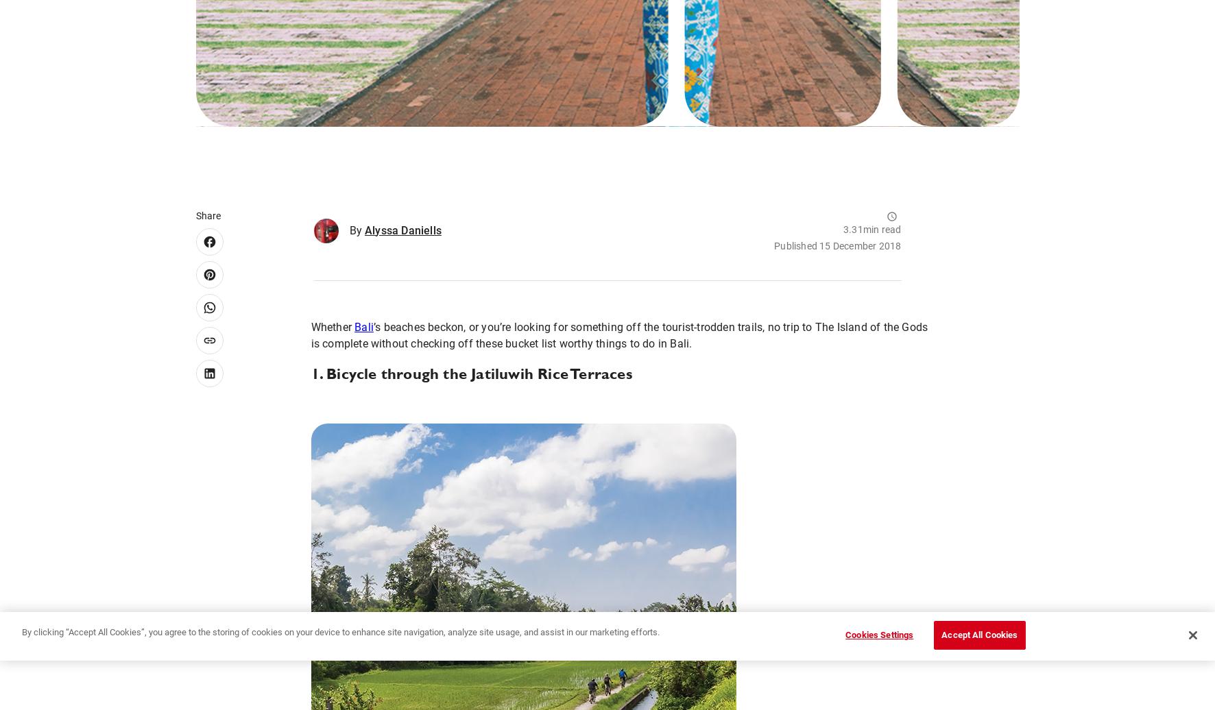 The height and width of the screenshot is (710, 1215). What do you see at coordinates (363, 326) in the screenshot?
I see `'Bali'` at bounding box center [363, 326].